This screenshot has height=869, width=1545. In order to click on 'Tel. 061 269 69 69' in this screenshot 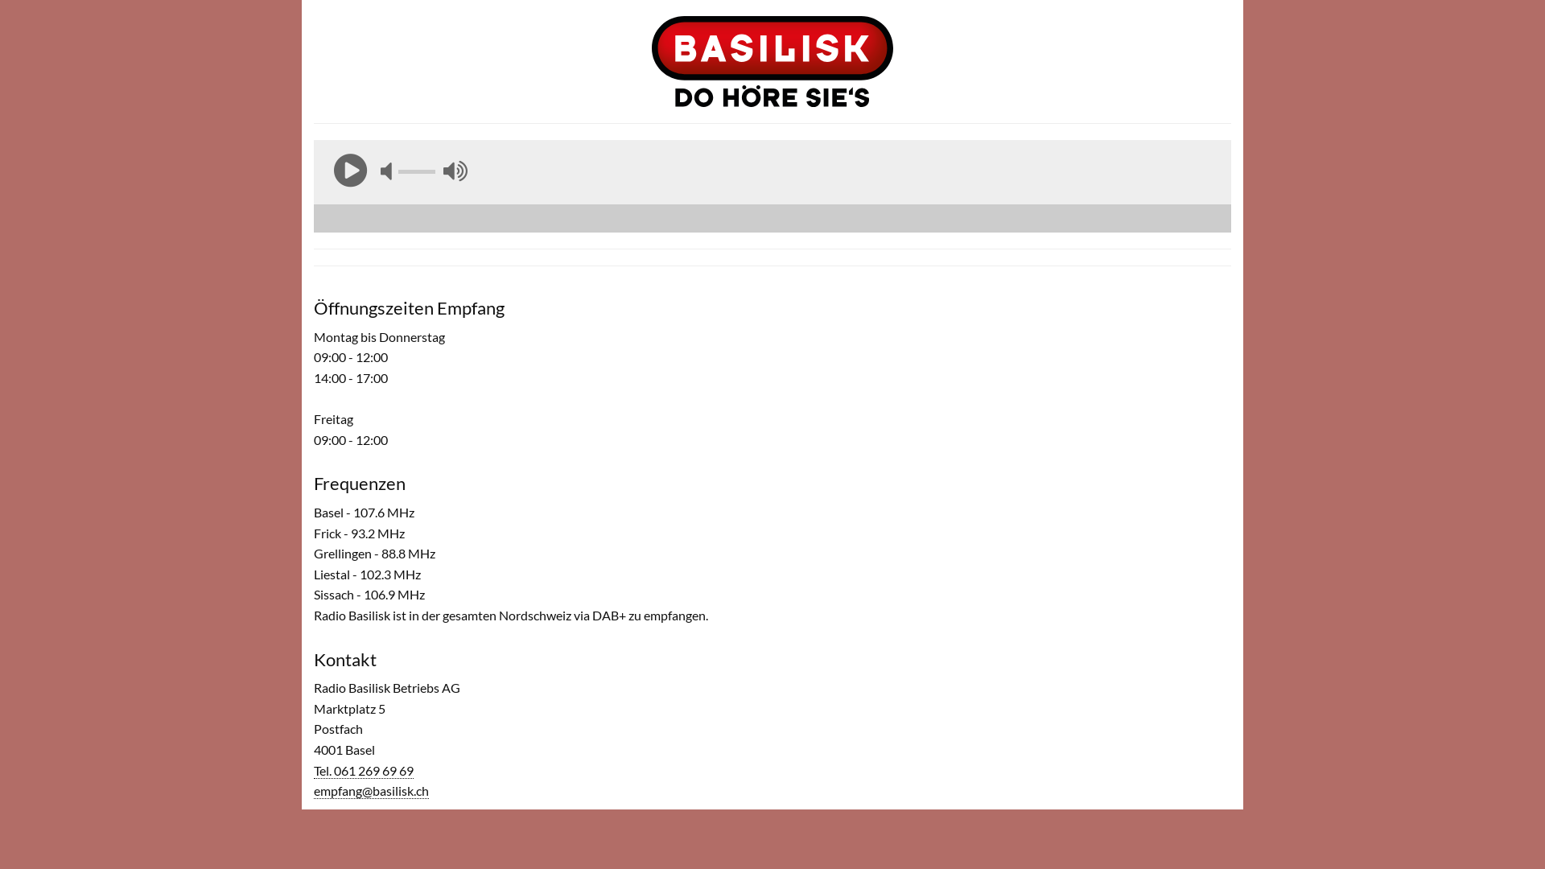, I will do `click(313, 769)`.